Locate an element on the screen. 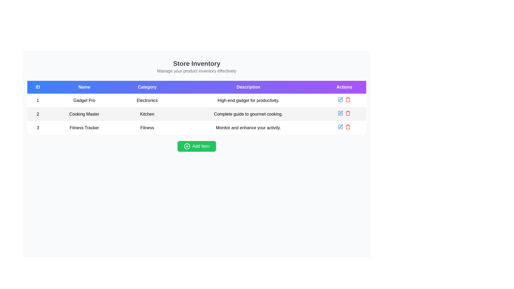 Image resolution: width=514 pixels, height=289 pixels. the trash bin icon in the 'Actions' column of the last row labeled 'Fitness Tracker' is located at coordinates (348, 127).